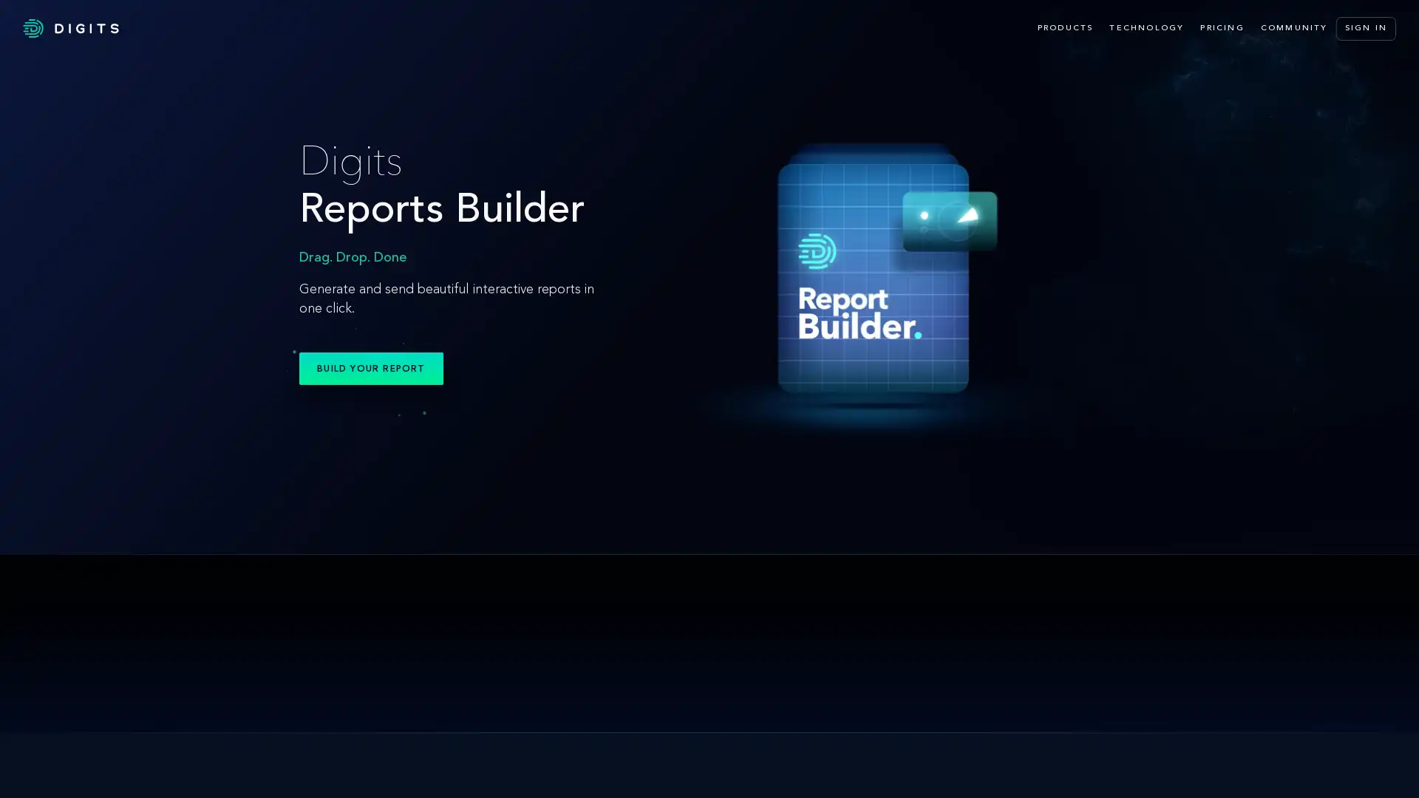  What do you see at coordinates (1064, 460) in the screenshot?
I see `Advisory Tools` at bounding box center [1064, 460].